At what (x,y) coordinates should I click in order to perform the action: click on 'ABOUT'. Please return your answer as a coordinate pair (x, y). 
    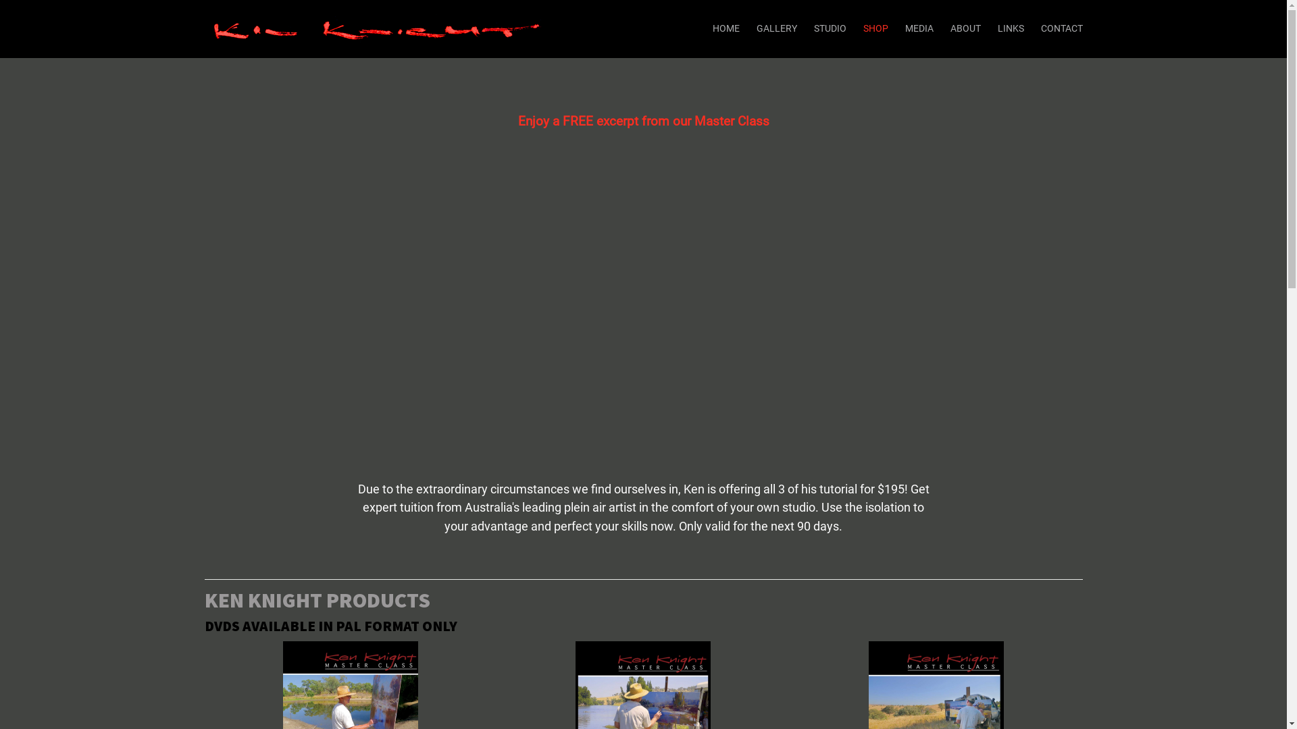
    Looking at the image, I should click on (949, 28).